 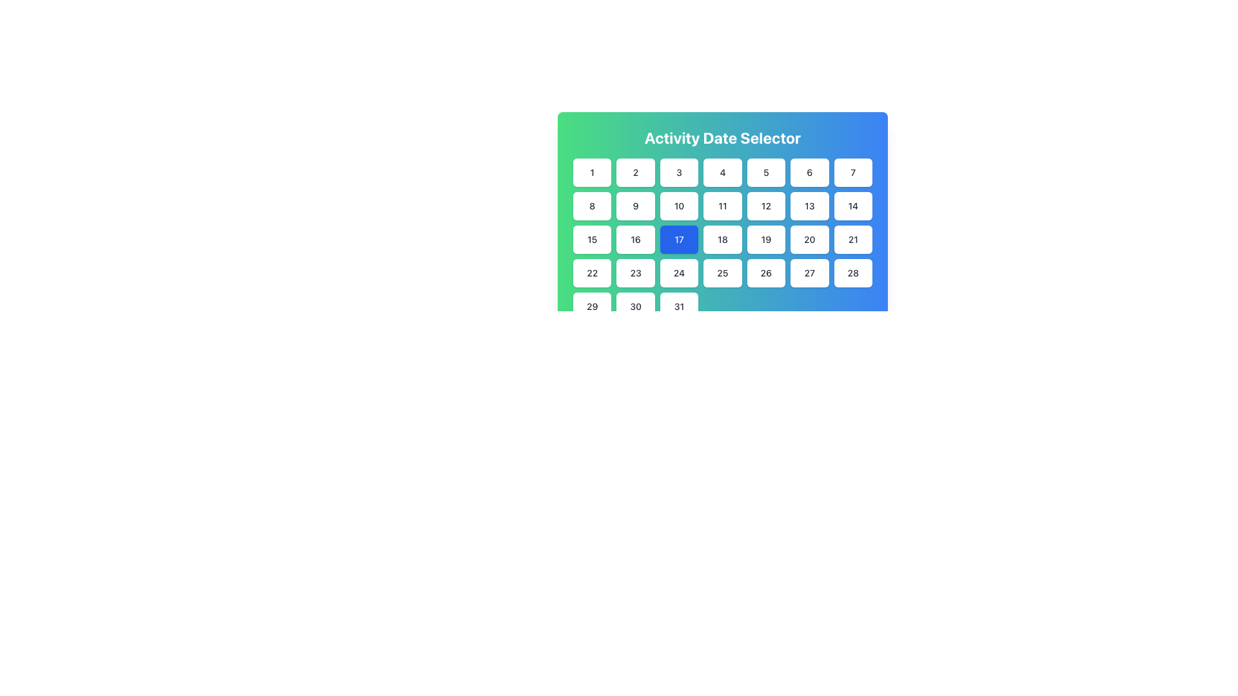 What do you see at coordinates (591, 273) in the screenshot?
I see `the button with the numeric text '22'` at bounding box center [591, 273].